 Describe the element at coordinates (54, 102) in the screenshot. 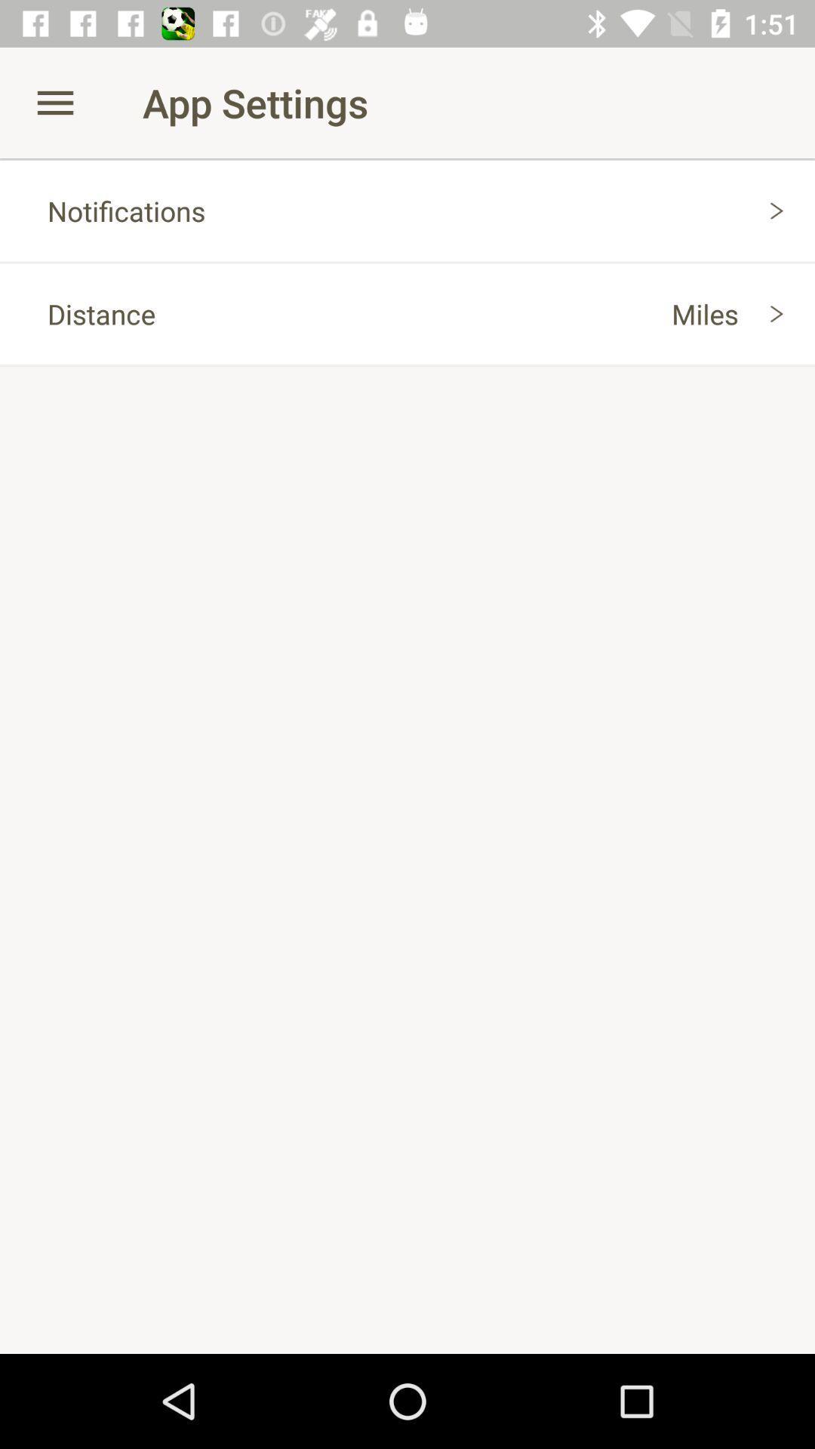

I see `icon next to app settings` at that location.